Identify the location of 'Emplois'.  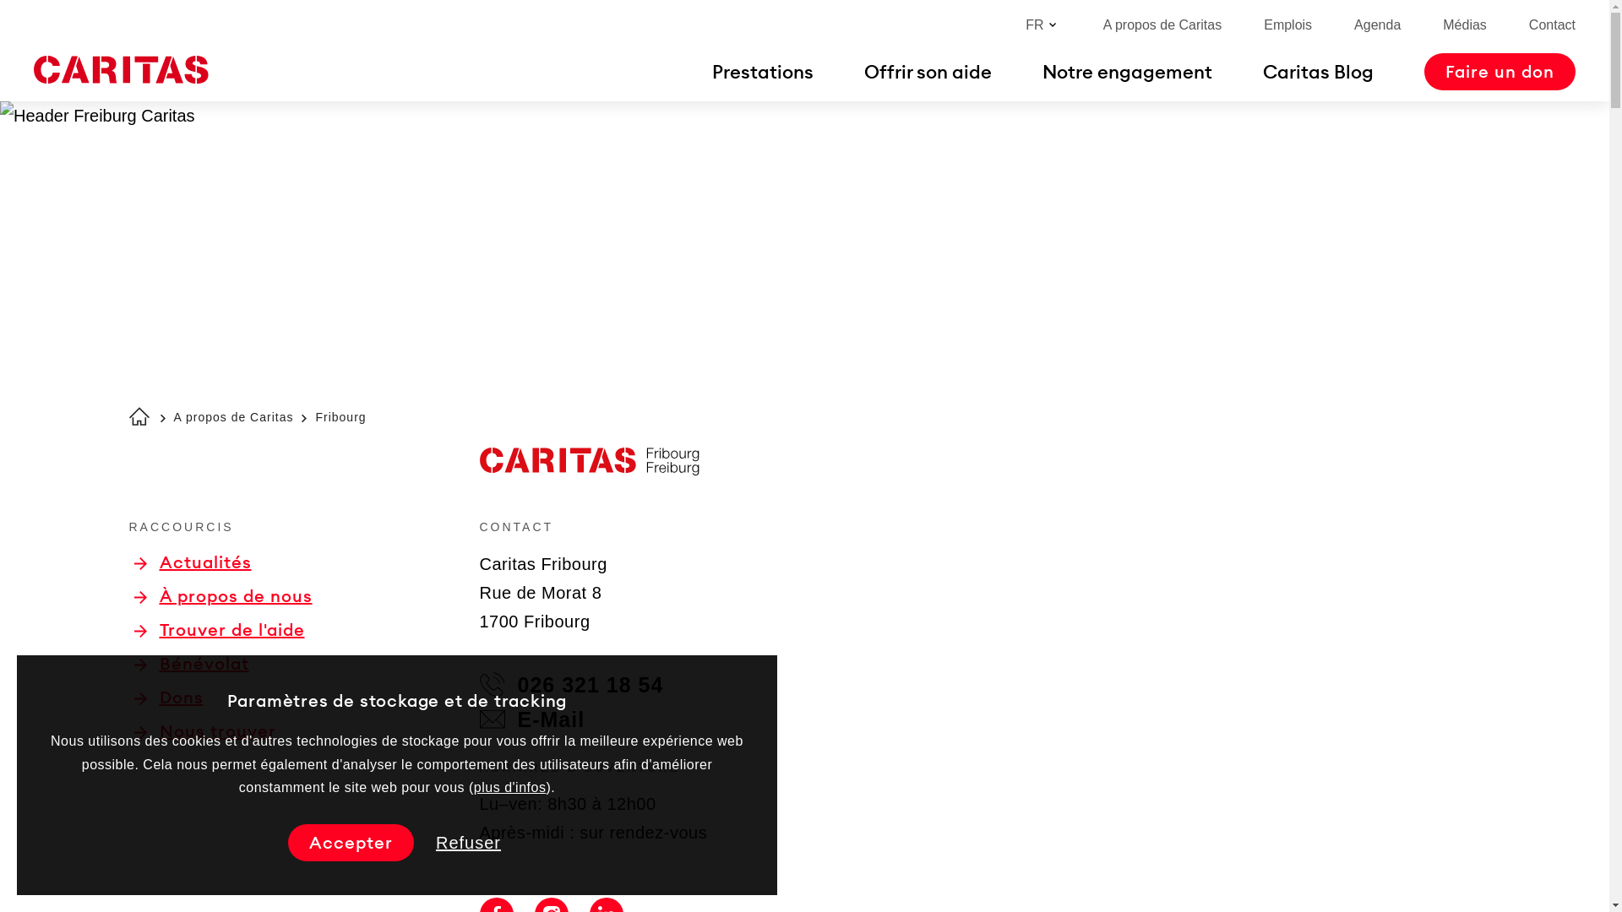
(1287, 24).